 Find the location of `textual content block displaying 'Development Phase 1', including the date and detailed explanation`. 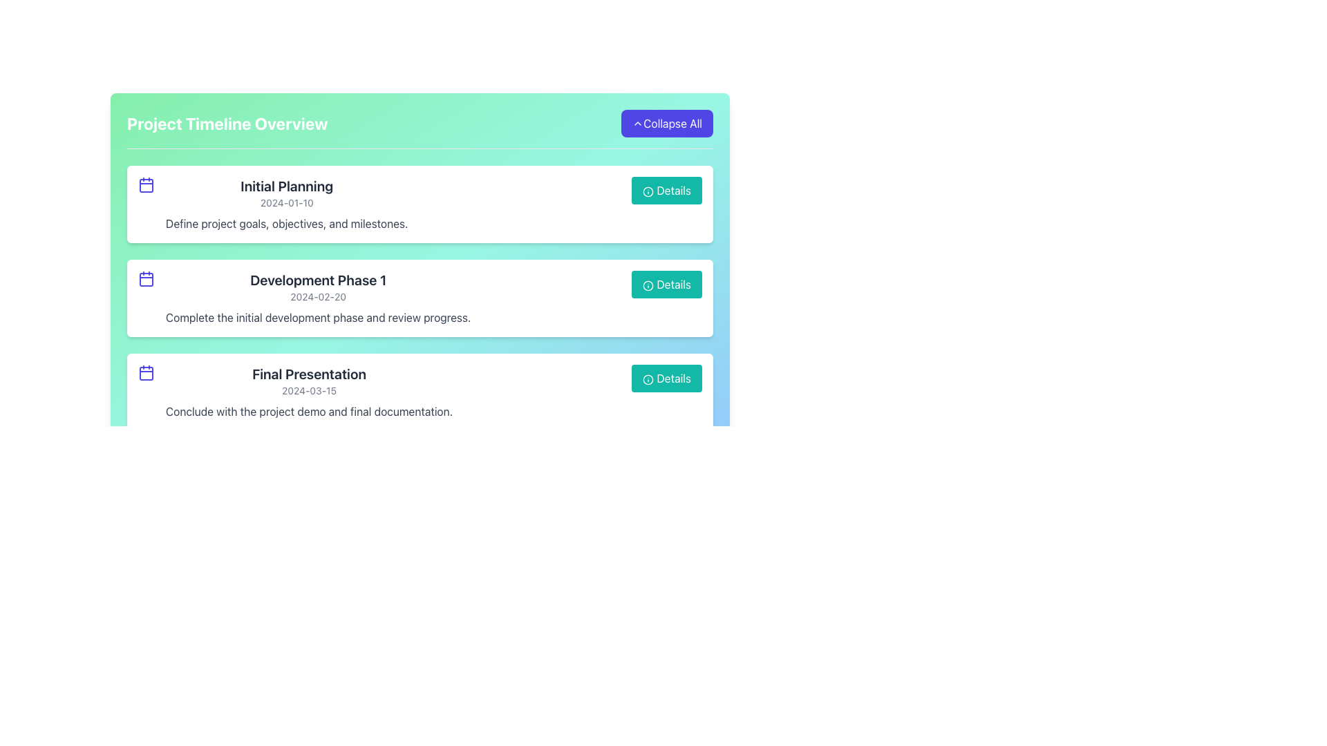

textual content block displaying 'Development Phase 1', including the date and detailed explanation is located at coordinates (317, 298).